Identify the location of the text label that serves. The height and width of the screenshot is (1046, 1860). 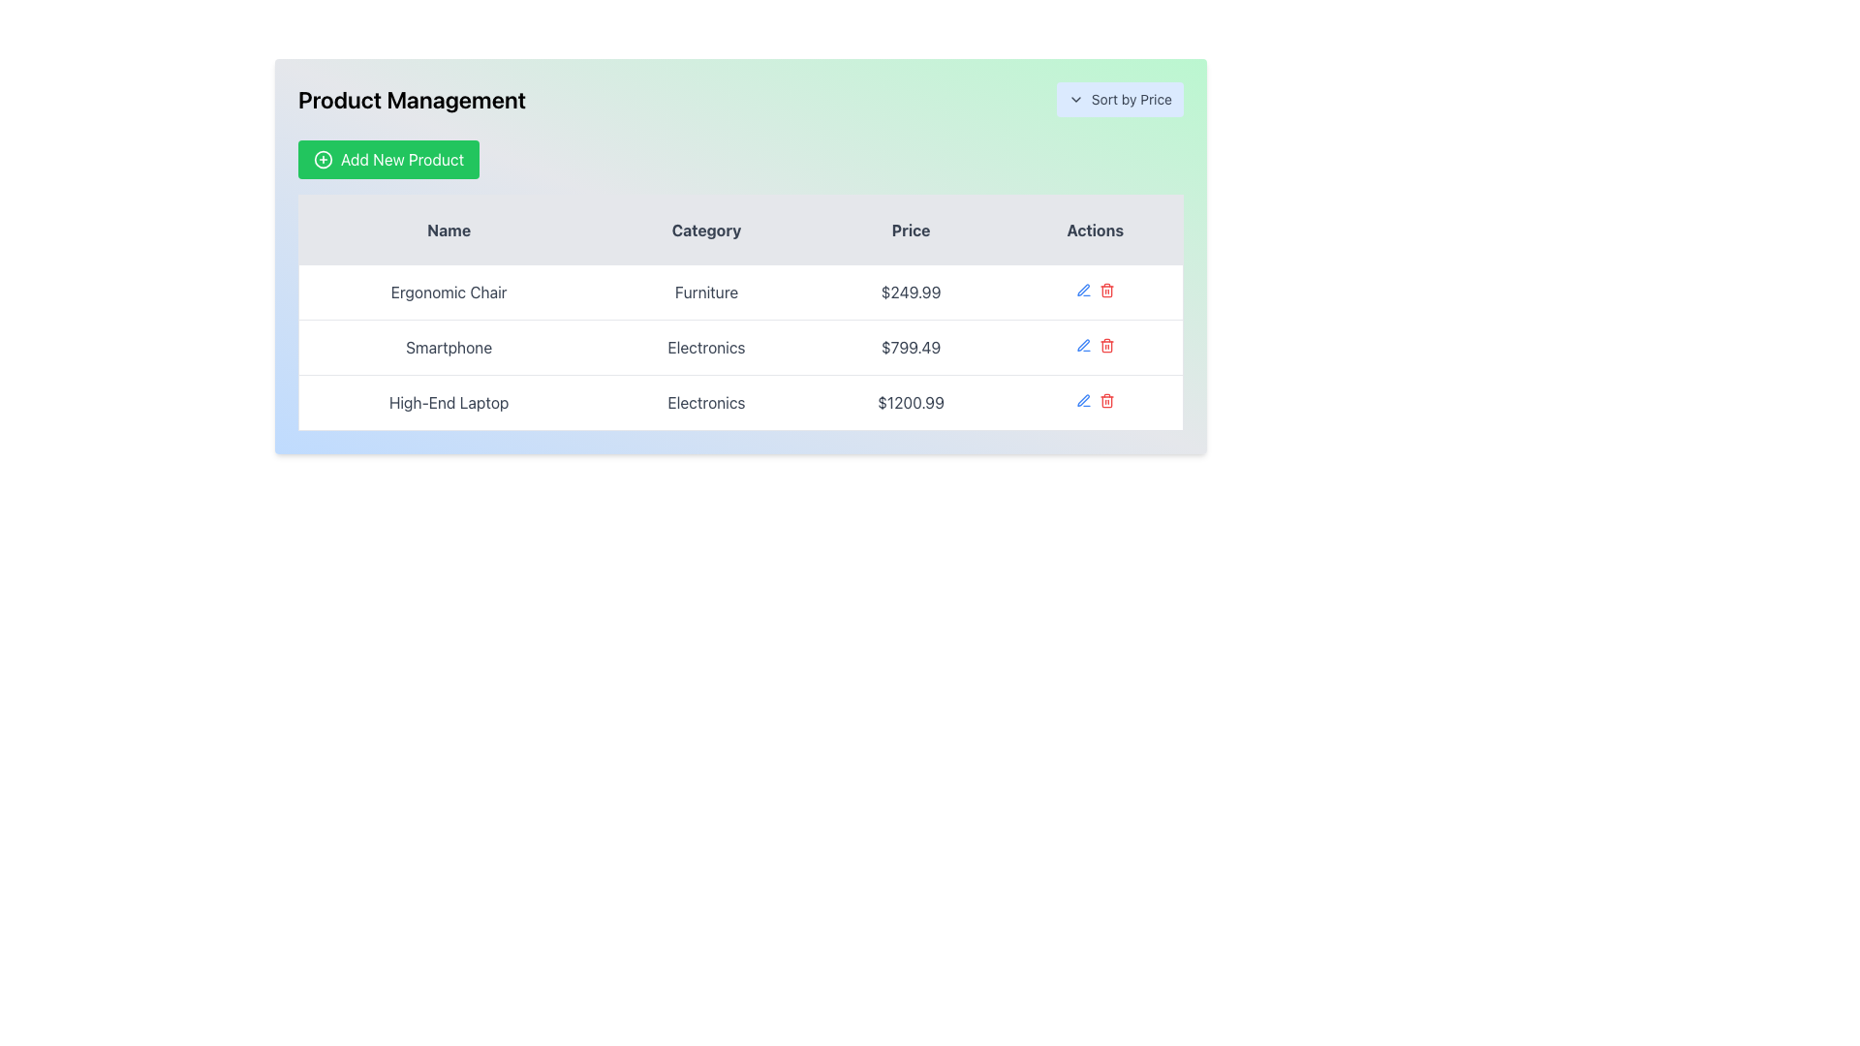
(910, 229).